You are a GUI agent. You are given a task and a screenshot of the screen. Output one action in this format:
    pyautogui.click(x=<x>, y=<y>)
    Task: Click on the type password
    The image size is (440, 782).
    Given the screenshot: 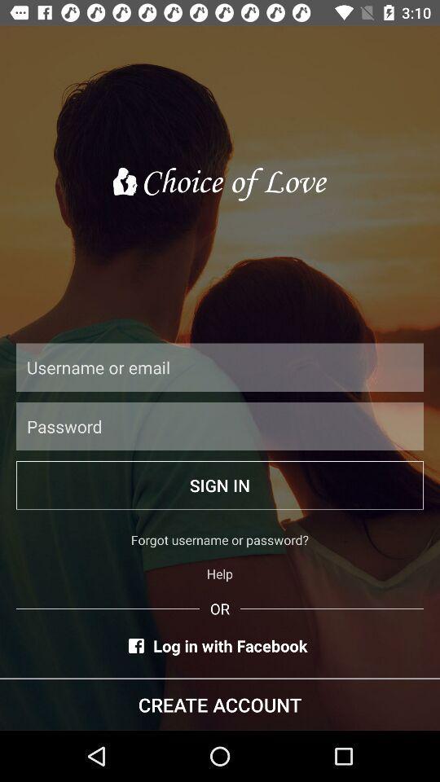 What is the action you would take?
    pyautogui.click(x=220, y=425)
    